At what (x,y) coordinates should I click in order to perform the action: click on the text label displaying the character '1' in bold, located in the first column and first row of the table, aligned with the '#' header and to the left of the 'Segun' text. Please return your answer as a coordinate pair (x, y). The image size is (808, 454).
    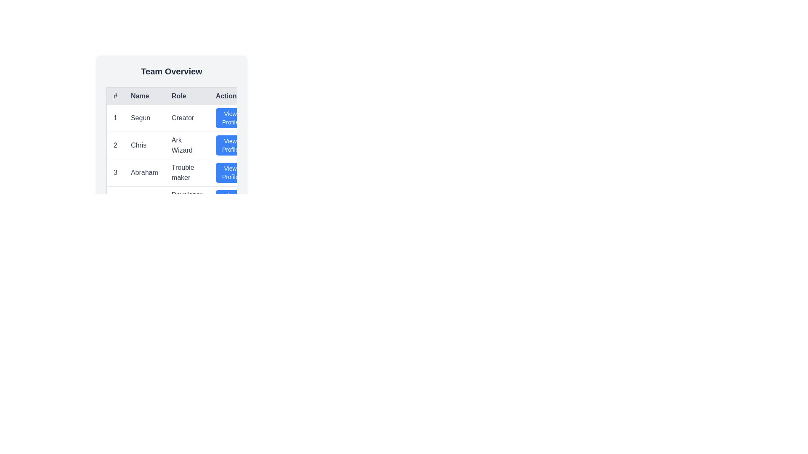
    Looking at the image, I should click on (115, 118).